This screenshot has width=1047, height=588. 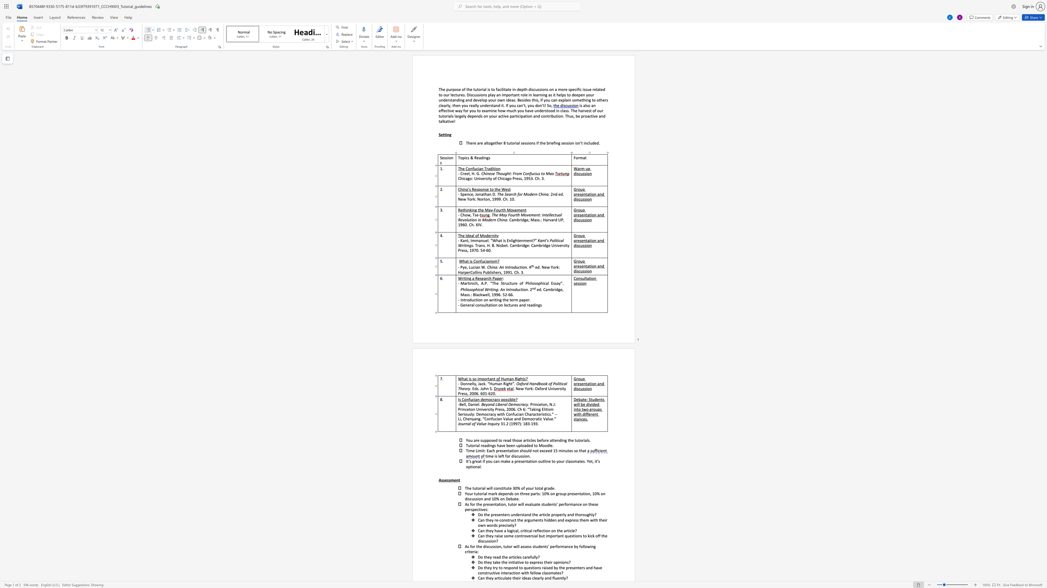 I want to click on the 1th character "f" in the text, so click(x=537, y=530).